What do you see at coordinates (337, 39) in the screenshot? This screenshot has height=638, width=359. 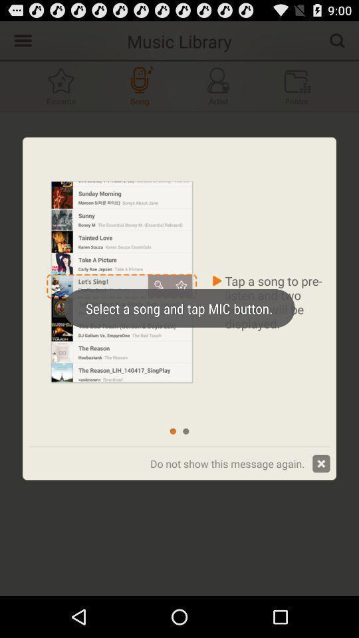 I see `search` at bounding box center [337, 39].